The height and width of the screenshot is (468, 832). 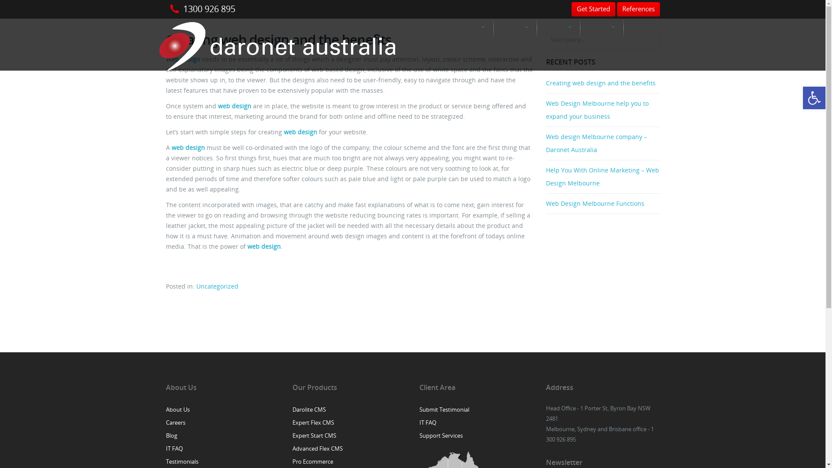 I want to click on 'web design', so click(x=188, y=147).